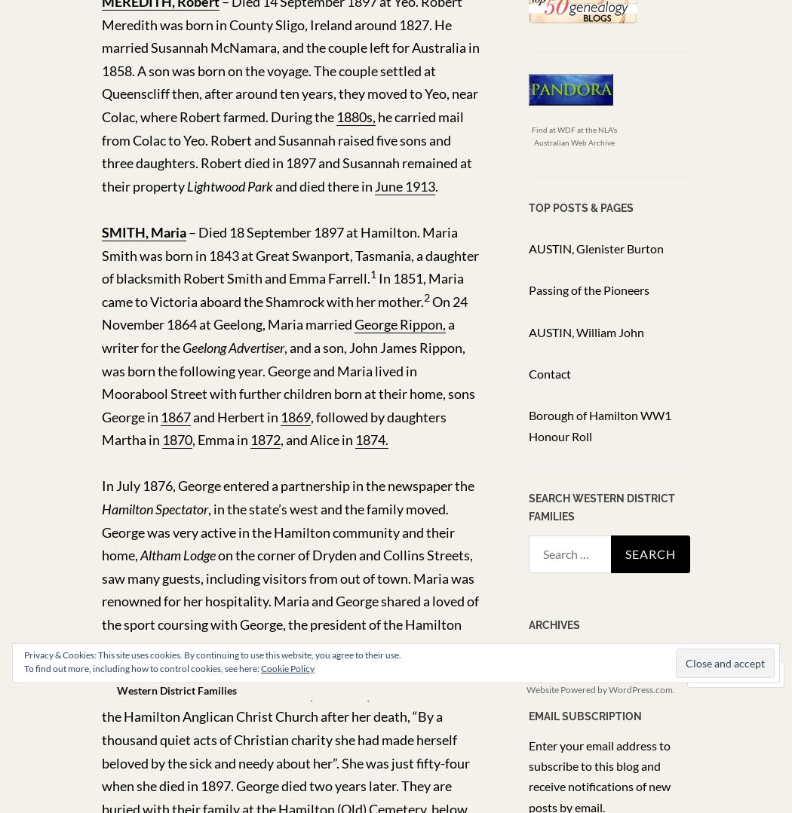 This screenshot has height=813, width=792. What do you see at coordinates (594, 247) in the screenshot?
I see `'AUSTIN, Glenister Burton'` at bounding box center [594, 247].